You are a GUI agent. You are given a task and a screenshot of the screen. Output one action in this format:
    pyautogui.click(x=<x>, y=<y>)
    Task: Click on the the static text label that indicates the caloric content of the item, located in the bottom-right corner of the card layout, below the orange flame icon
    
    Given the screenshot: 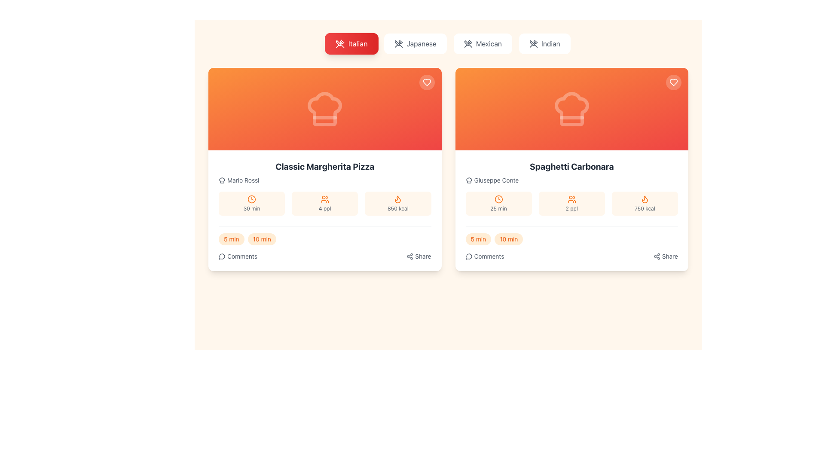 What is the action you would take?
    pyautogui.click(x=397, y=209)
    